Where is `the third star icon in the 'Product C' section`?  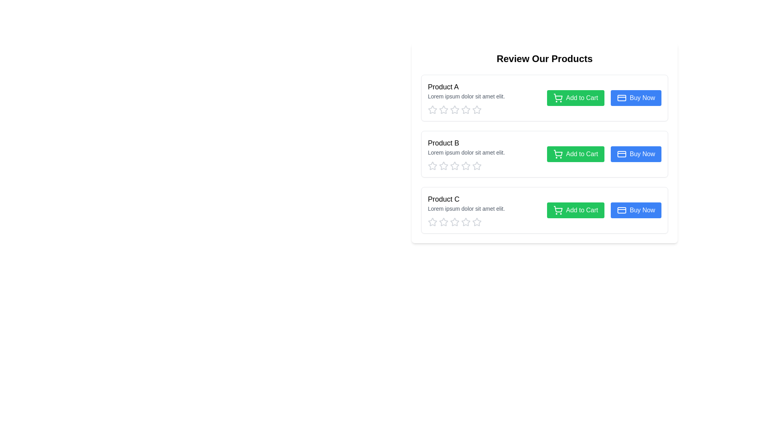
the third star icon in the 'Product C' section is located at coordinates (476, 222).